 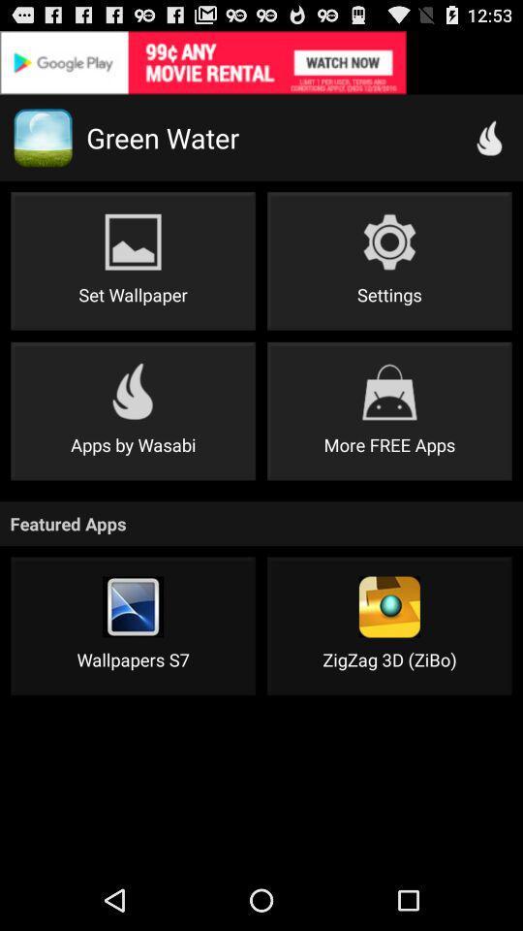 I want to click on for advertisement, so click(x=261, y=62).